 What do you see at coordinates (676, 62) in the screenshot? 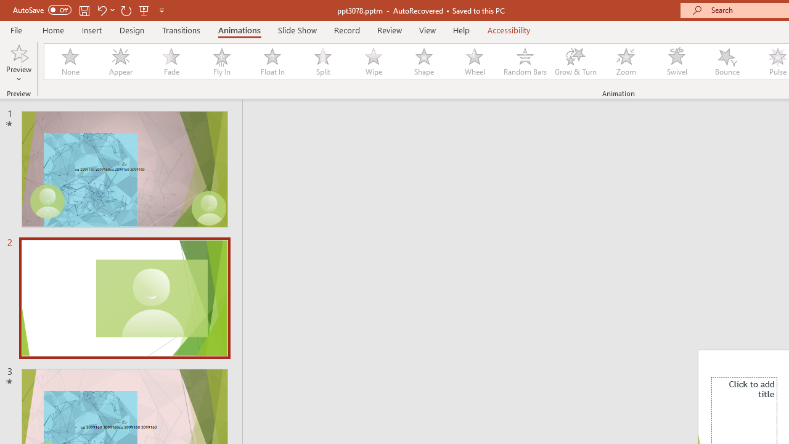
I see `'Swivel'` at bounding box center [676, 62].